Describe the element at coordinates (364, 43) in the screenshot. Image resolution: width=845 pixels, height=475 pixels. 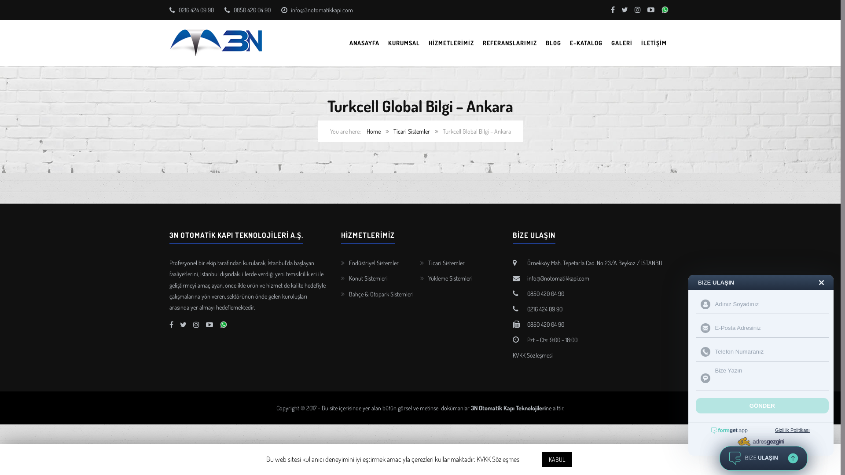
I see `'ANASAYFA'` at that location.